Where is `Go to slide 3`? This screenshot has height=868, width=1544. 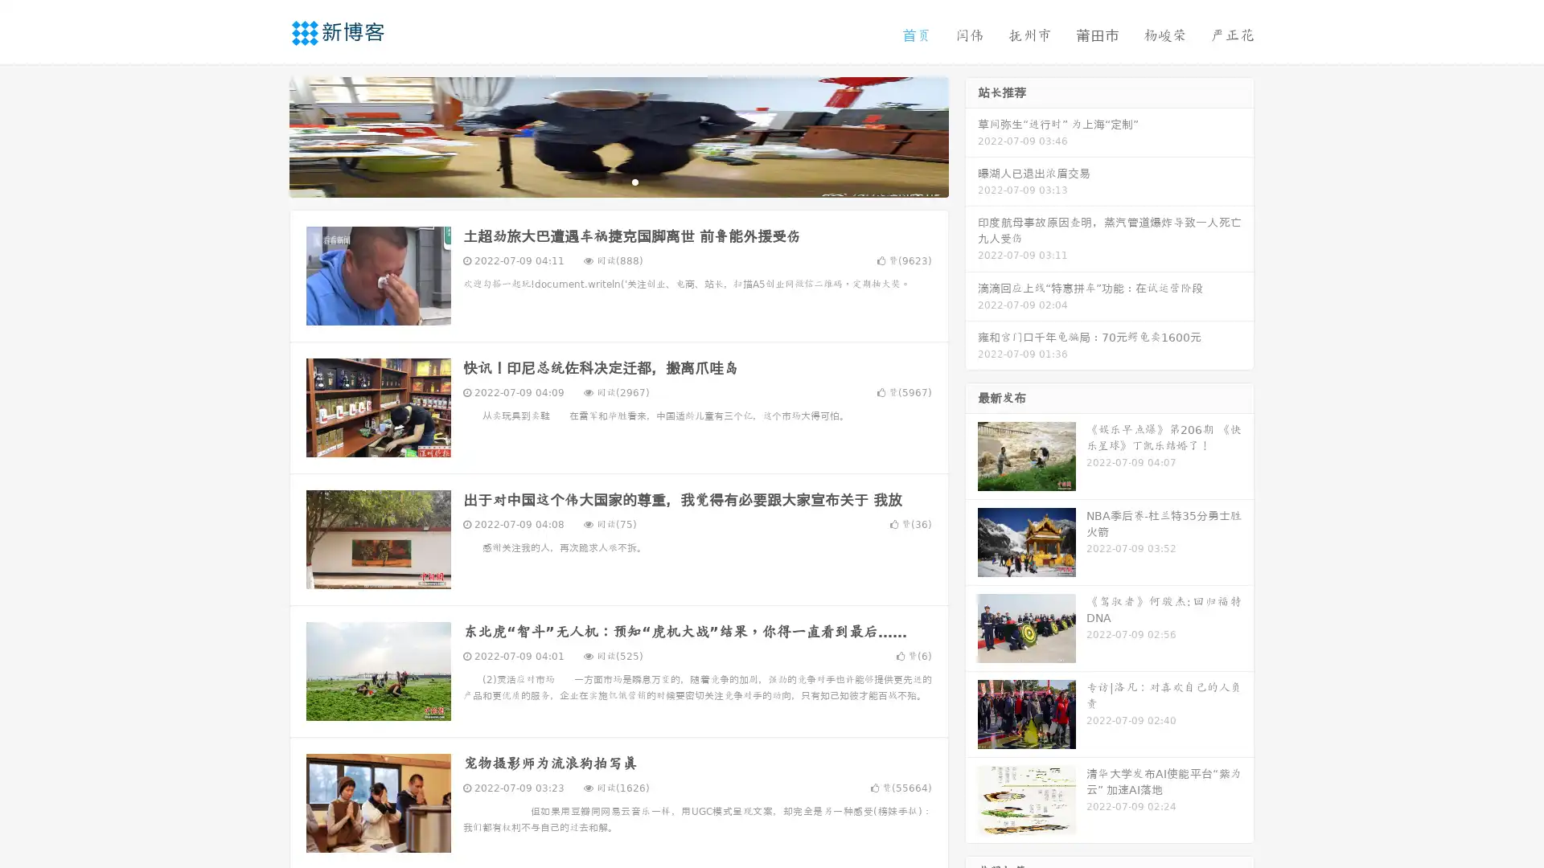 Go to slide 3 is located at coordinates (634, 181).